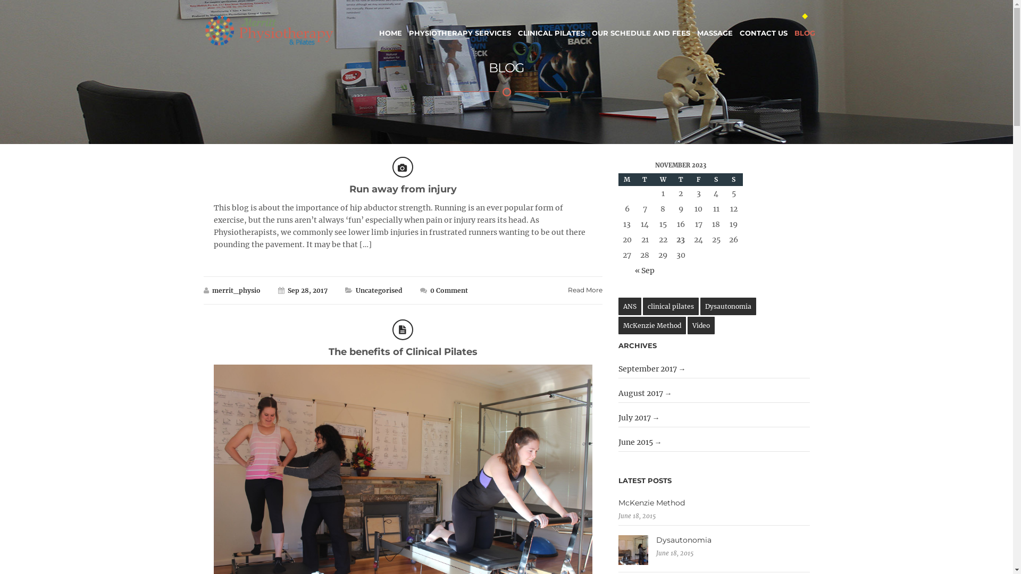 The width and height of the screenshot is (1021, 574). Describe the element at coordinates (269, 30) in the screenshot. I see `'Merritt Physiotherapy & Pilates'` at that location.